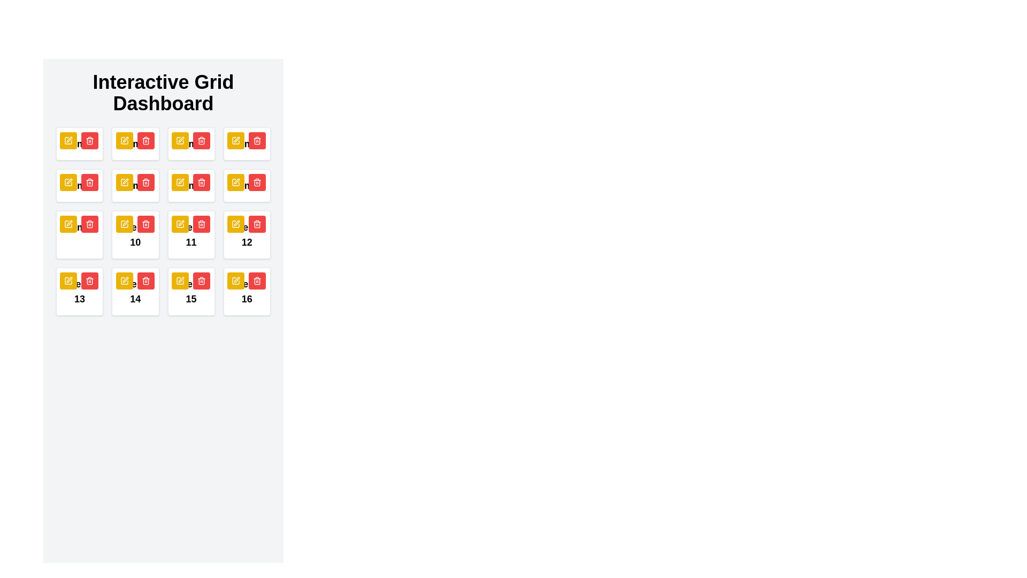 The height and width of the screenshot is (578, 1027). I want to click on the yellow square button with rounded corners and a white pen icon in the center, so click(68, 224).